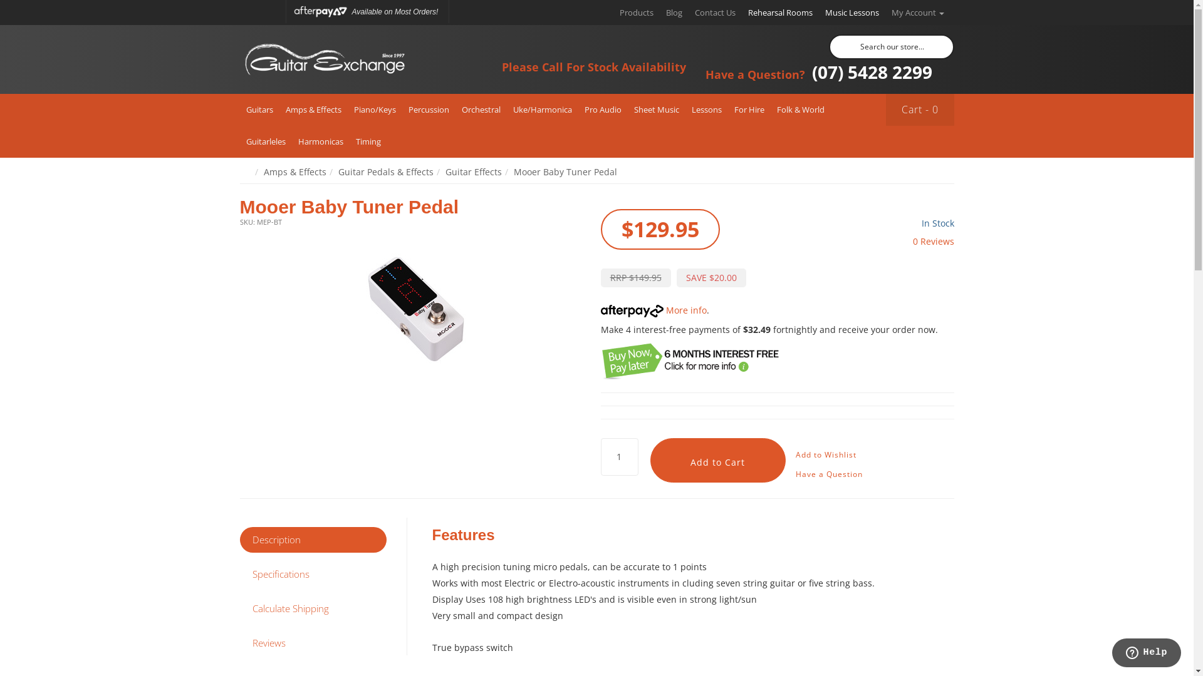 The width and height of the screenshot is (1203, 676). What do you see at coordinates (749, 109) in the screenshot?
I see `'For Hire'` at bounding box center [749, 109].